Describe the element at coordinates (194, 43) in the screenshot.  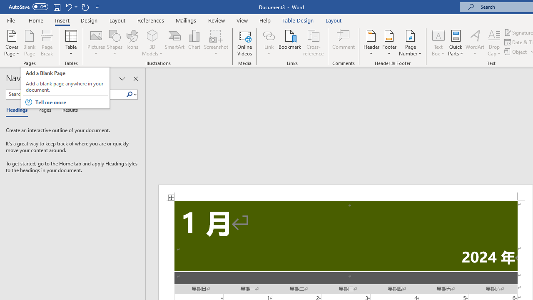
I see `'Chart...'` at that location.